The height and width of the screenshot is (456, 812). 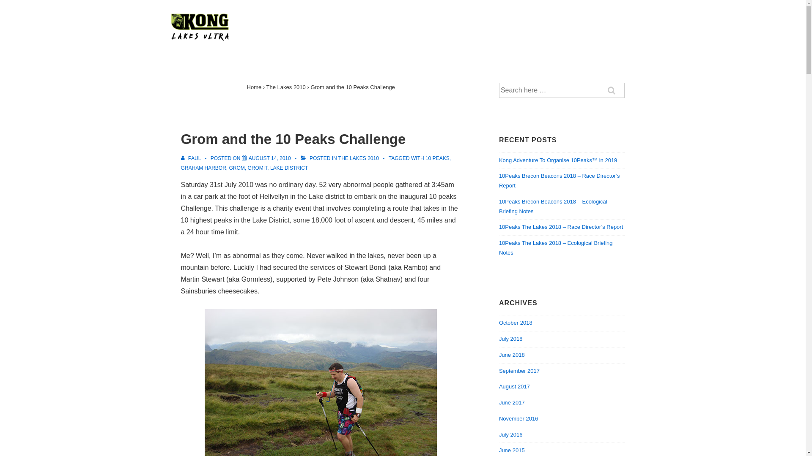 I want to click on 'October 2018', so click(x=499, y=323).